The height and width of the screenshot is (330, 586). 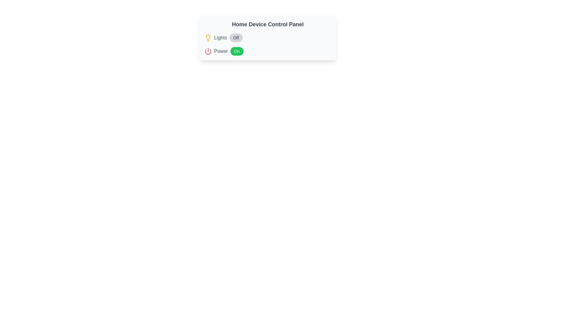 I want to click on the 'Lights' text label which is styled in medium gray font, located between a lightbulb icon and an 'Off' button in the light controls section, so click(x=220, y=38).